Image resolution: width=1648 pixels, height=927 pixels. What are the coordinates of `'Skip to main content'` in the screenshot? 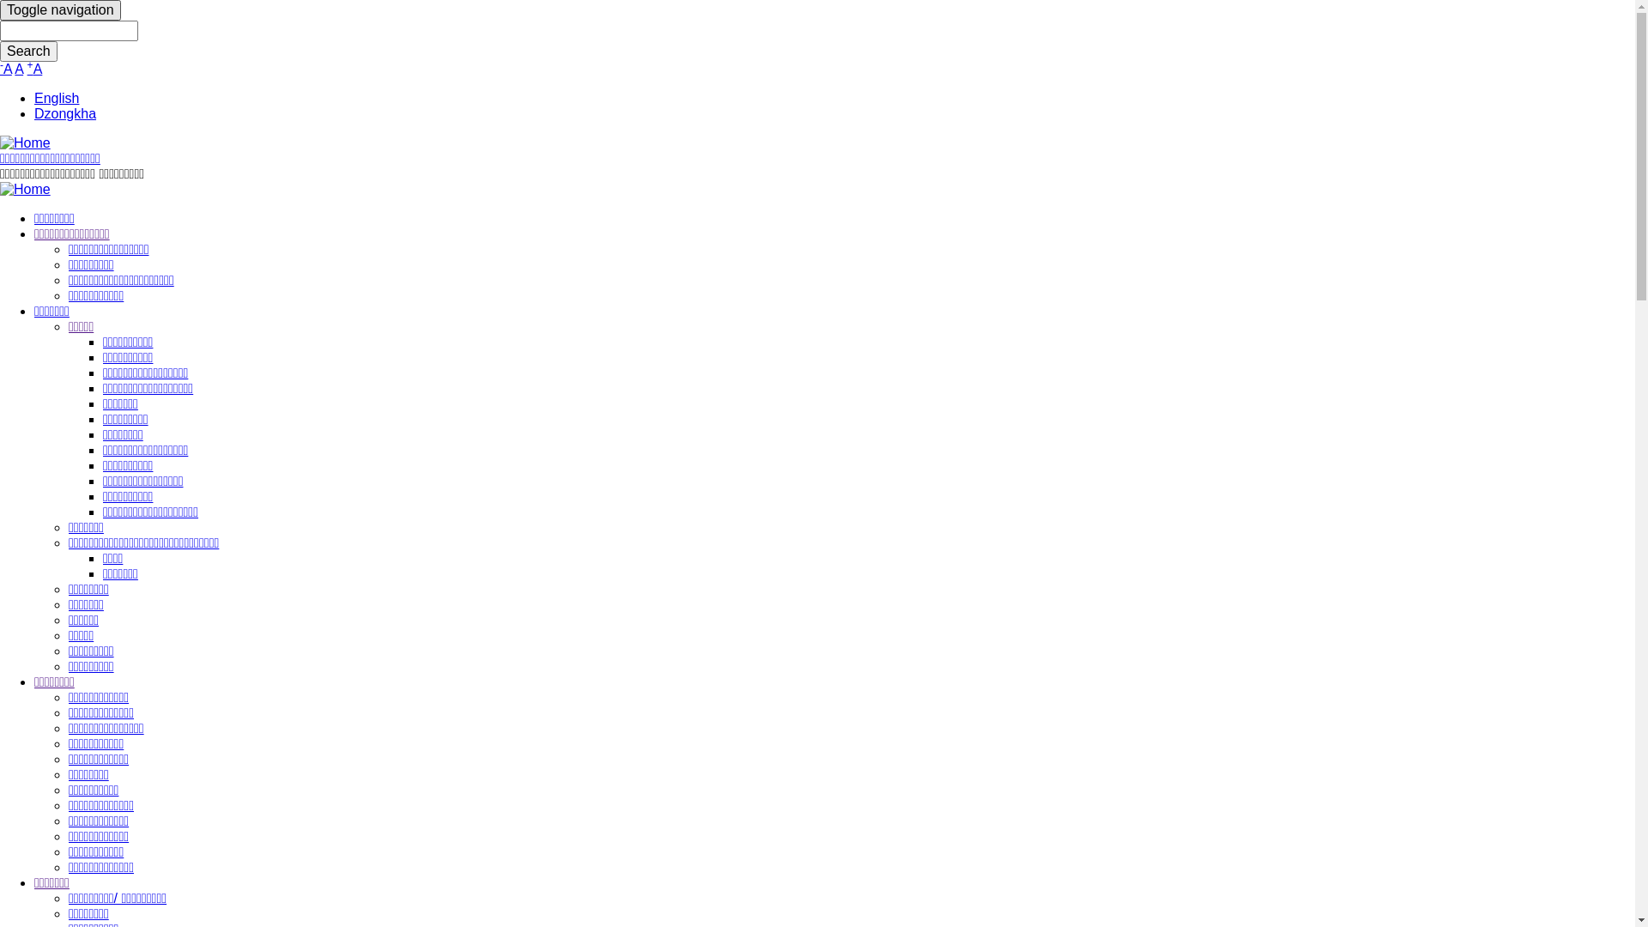 It's located at (0, 0).